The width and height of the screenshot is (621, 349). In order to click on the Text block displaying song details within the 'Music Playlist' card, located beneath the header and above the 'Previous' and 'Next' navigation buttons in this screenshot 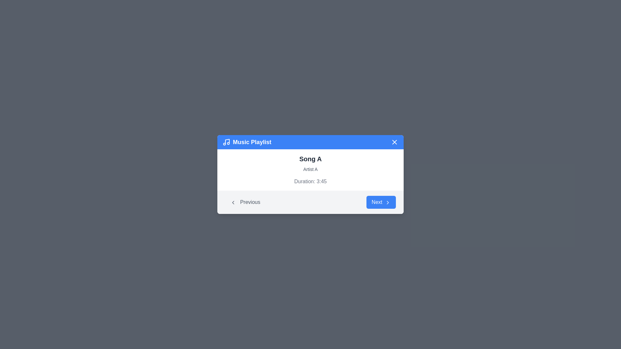, I will do `click(310, 169)`.